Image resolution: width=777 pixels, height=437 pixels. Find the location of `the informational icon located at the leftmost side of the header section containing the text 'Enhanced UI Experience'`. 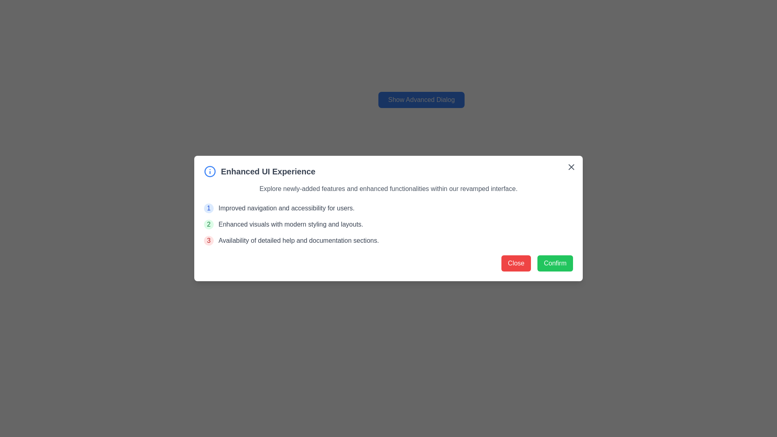

the informational icon located at the leftmost side of the header section containing the text 'Enhanced UI Experience' is located at coordinates (210, 171).